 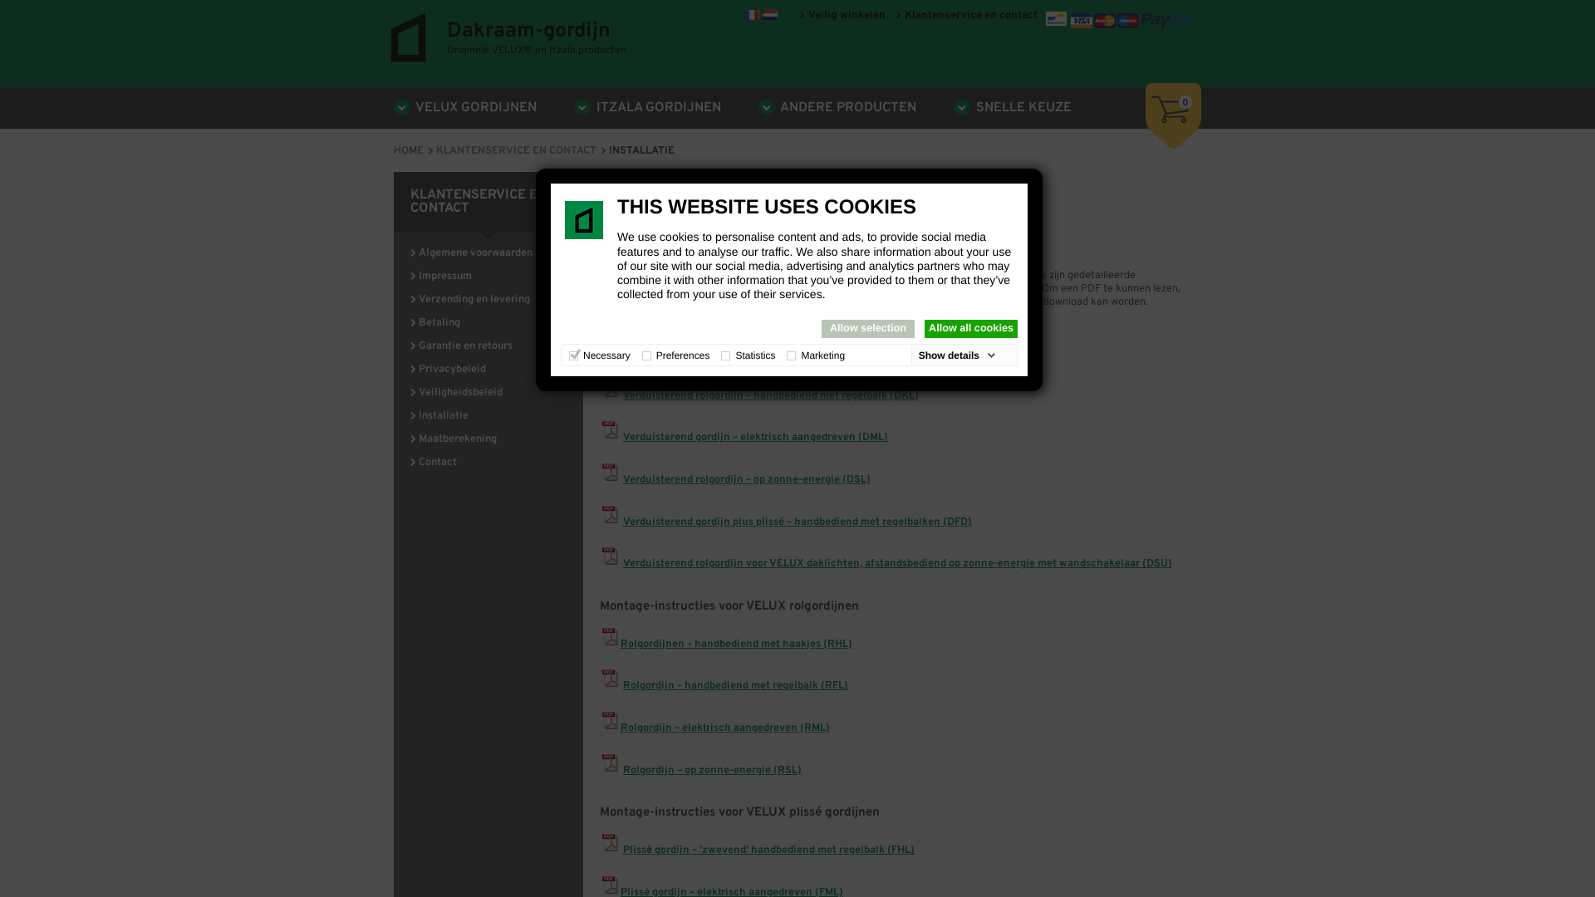 What do you see at coordinates (465, 345) in the screenshot?
I see `'Garantie en retours'` at bounding box center [465, 345].